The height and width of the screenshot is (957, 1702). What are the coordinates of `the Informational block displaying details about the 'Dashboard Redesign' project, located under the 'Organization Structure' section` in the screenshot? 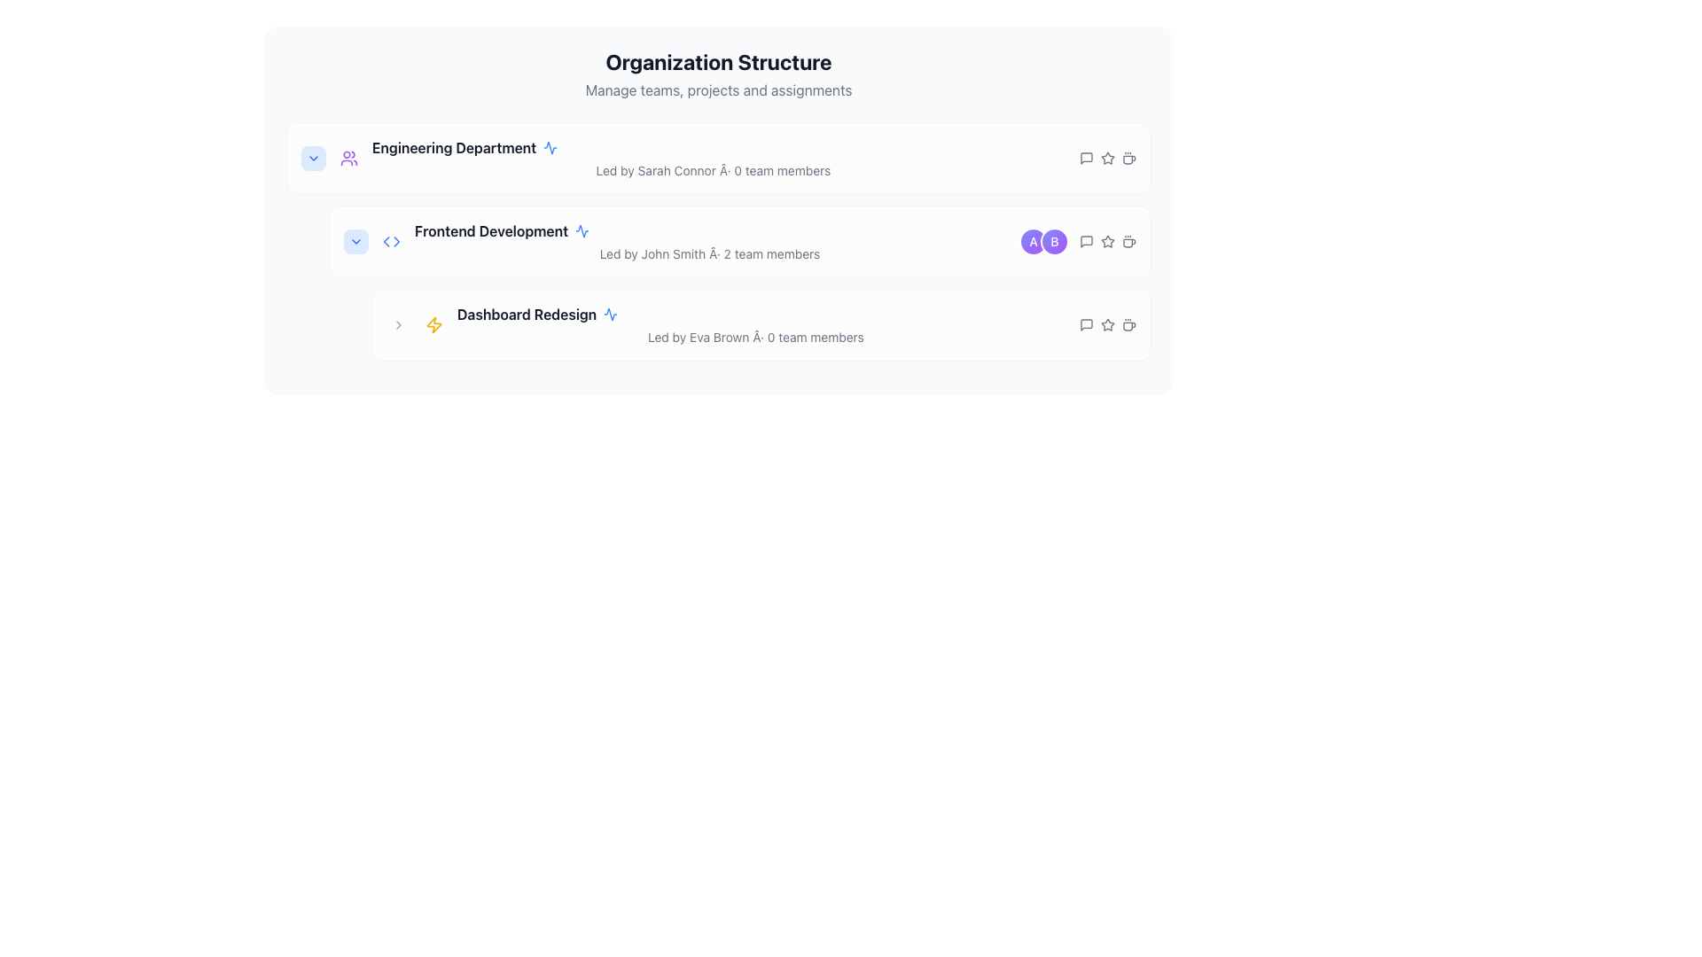 It's located at (761, 324).